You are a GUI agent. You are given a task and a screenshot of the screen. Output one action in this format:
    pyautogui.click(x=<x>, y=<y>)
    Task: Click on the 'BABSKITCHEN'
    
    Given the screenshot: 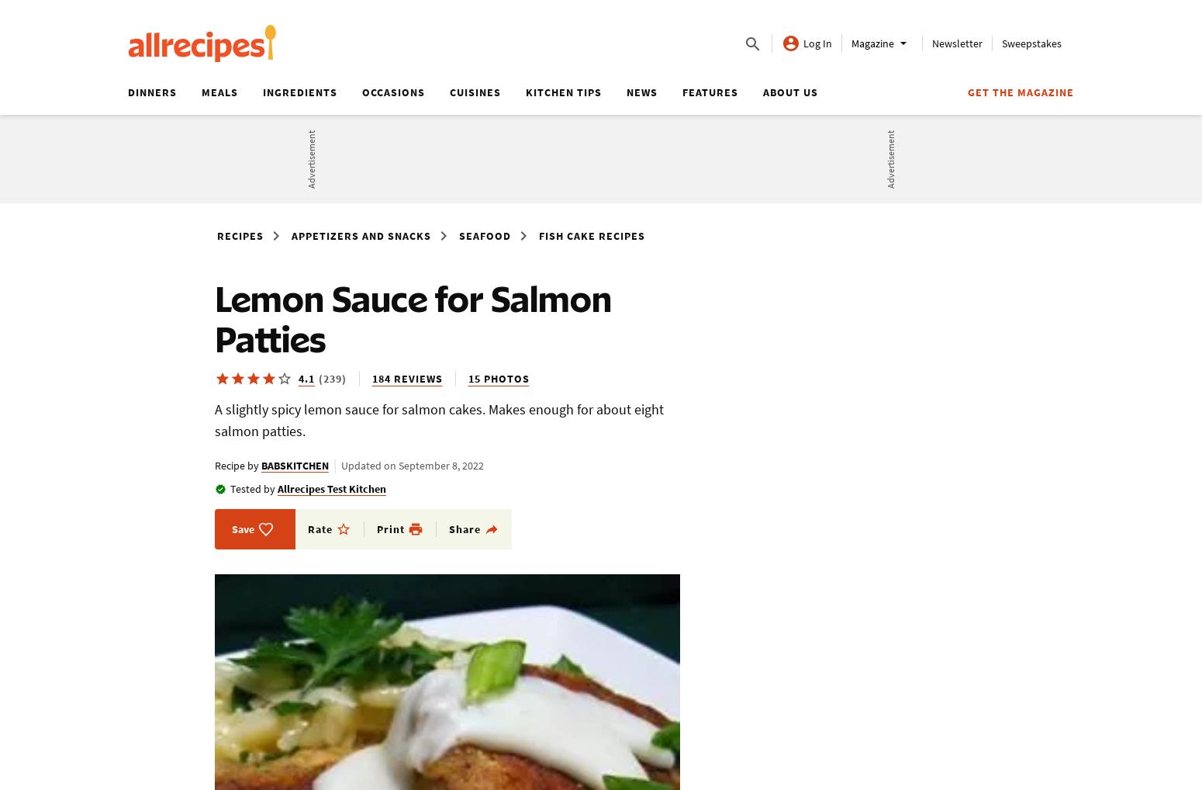 What is the action you would take?
    pyautogui.click(x=260, y=466)
    